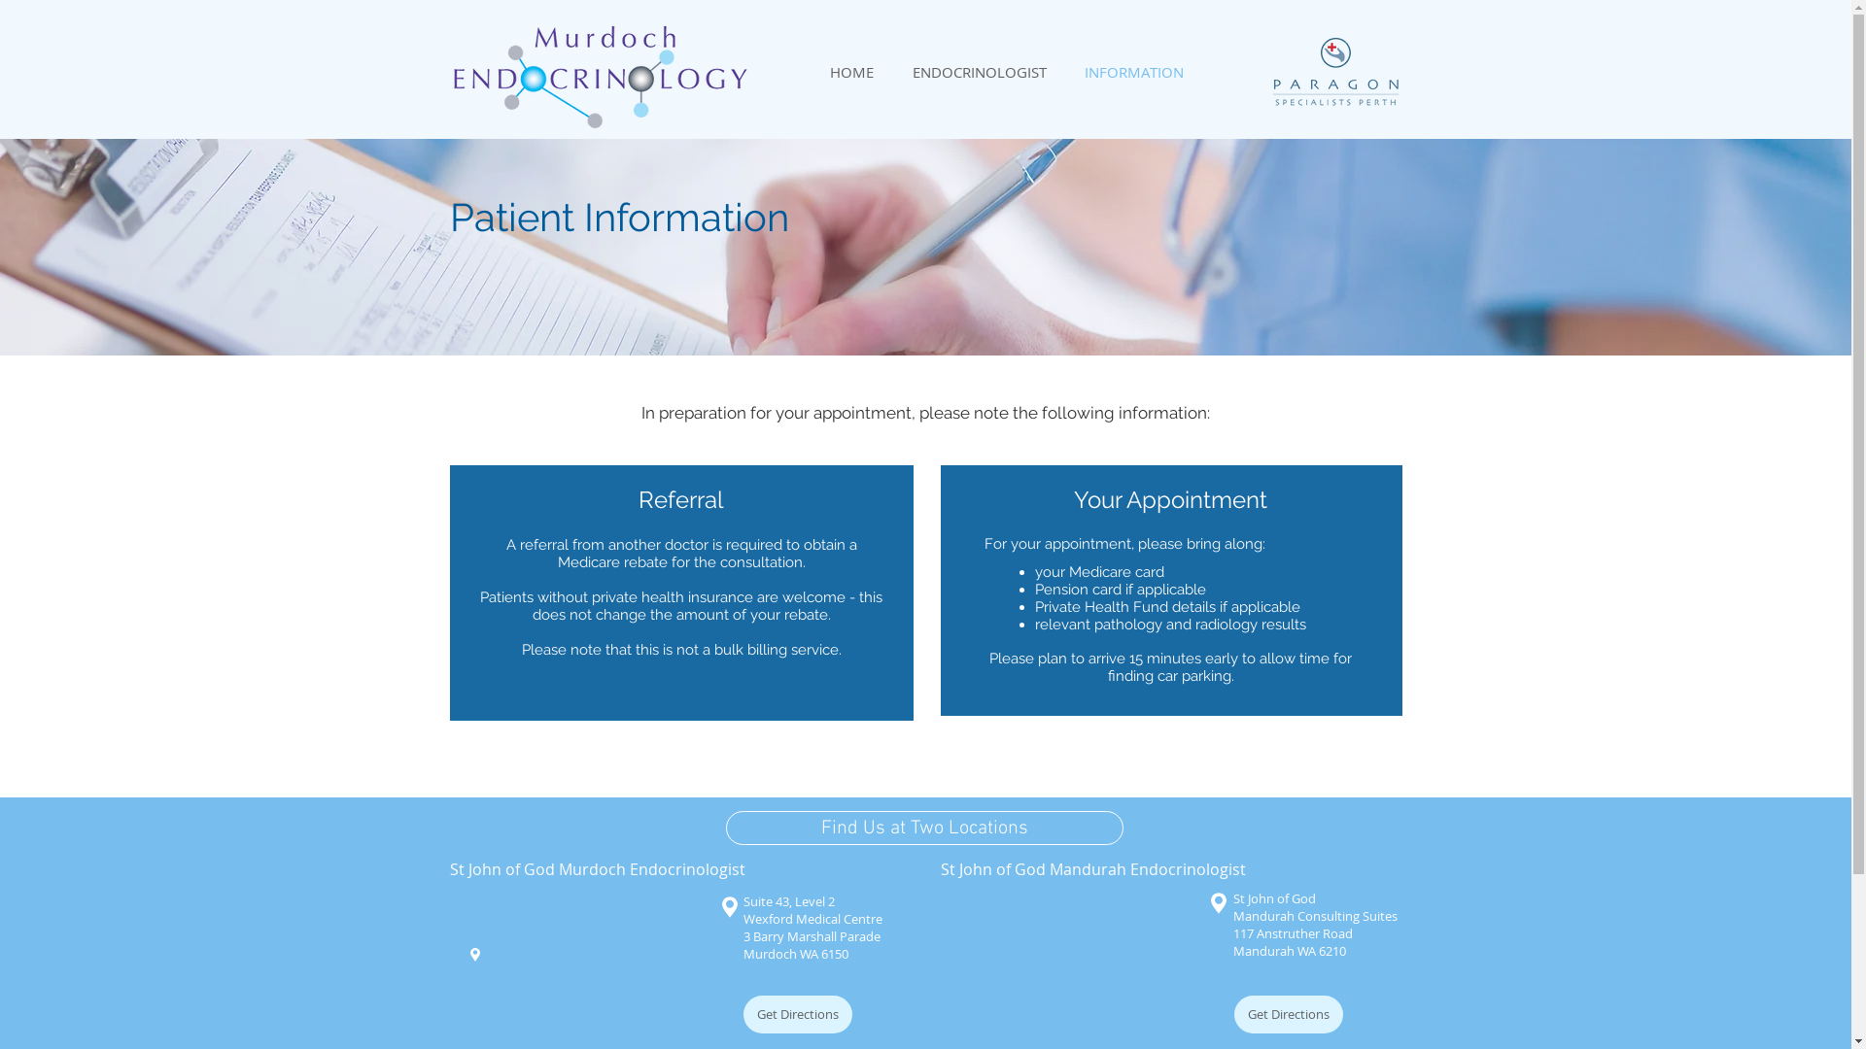  I want to click on 'HOME', so click(851, 71).